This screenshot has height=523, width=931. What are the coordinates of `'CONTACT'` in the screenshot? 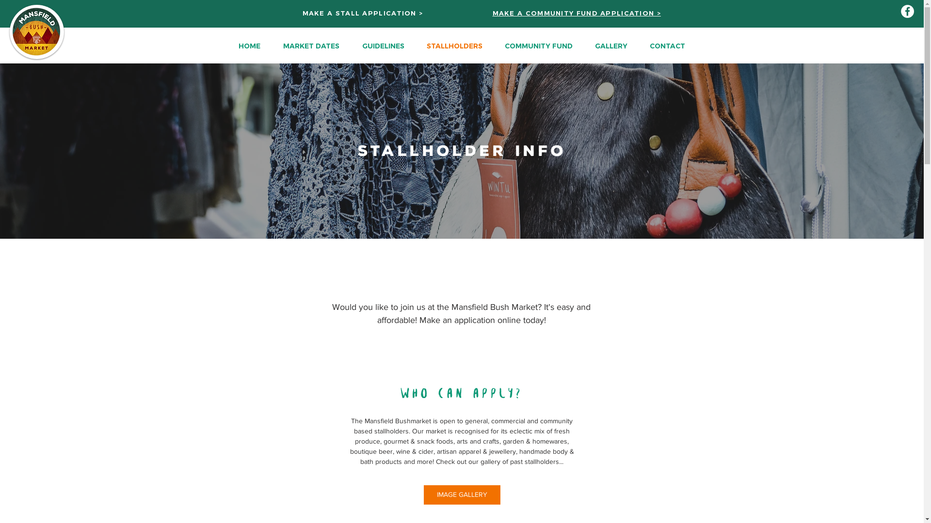 It's located at (666, 46).